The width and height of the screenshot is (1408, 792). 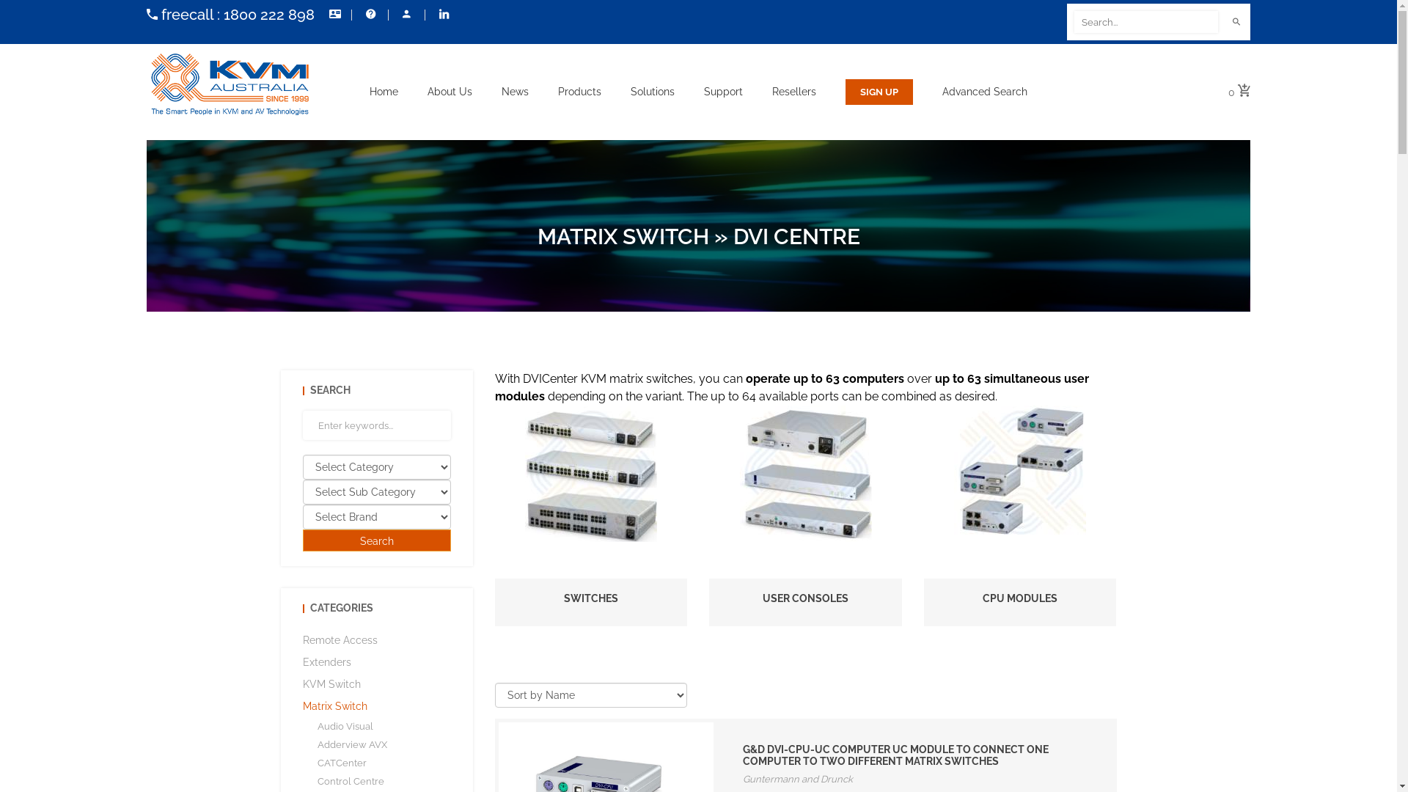 What do you see at coordinates (1019, 598) in the screenshot?
I see `'CPU MODULES'` at bounding box center [1019, 598].